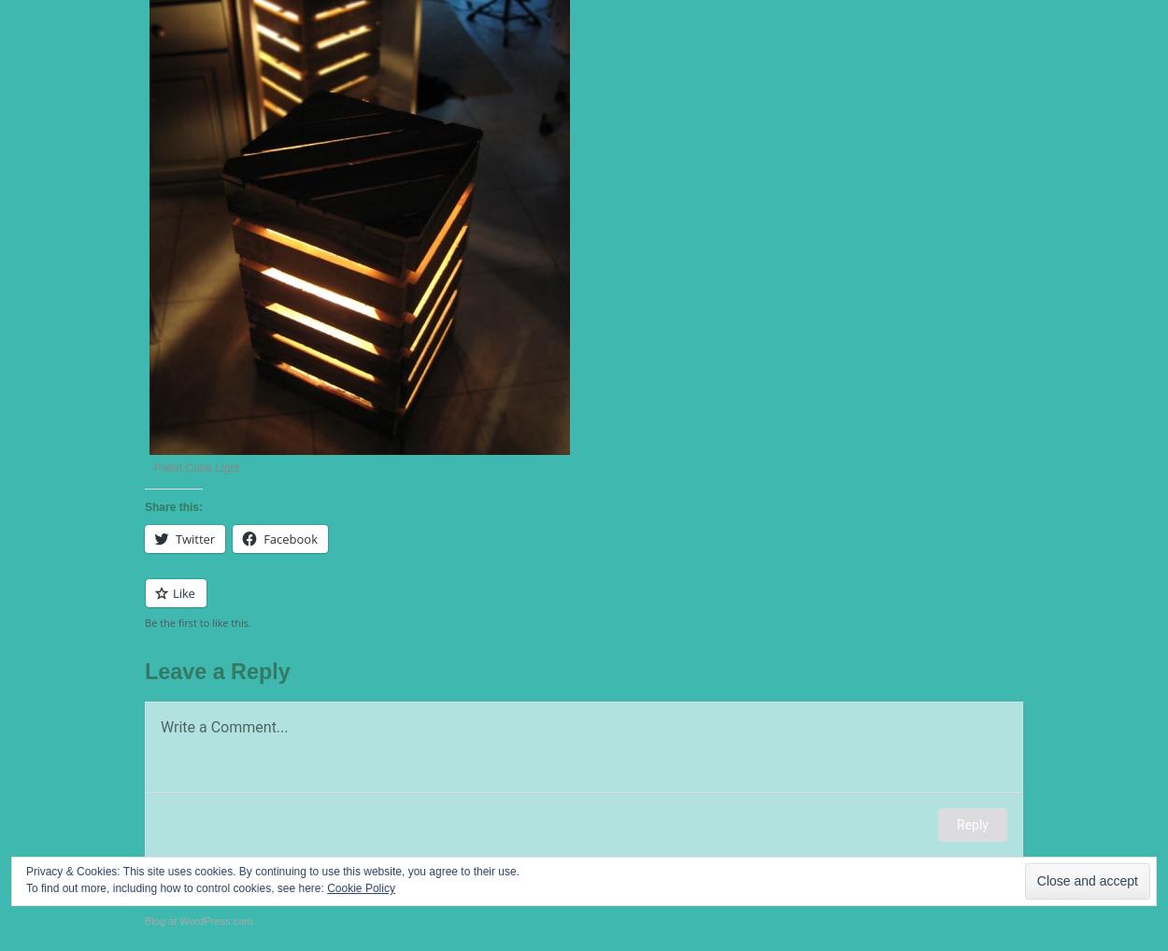 The image size is (1168, 951). I want to click on 'Leave a Reply', so click(145, 669).